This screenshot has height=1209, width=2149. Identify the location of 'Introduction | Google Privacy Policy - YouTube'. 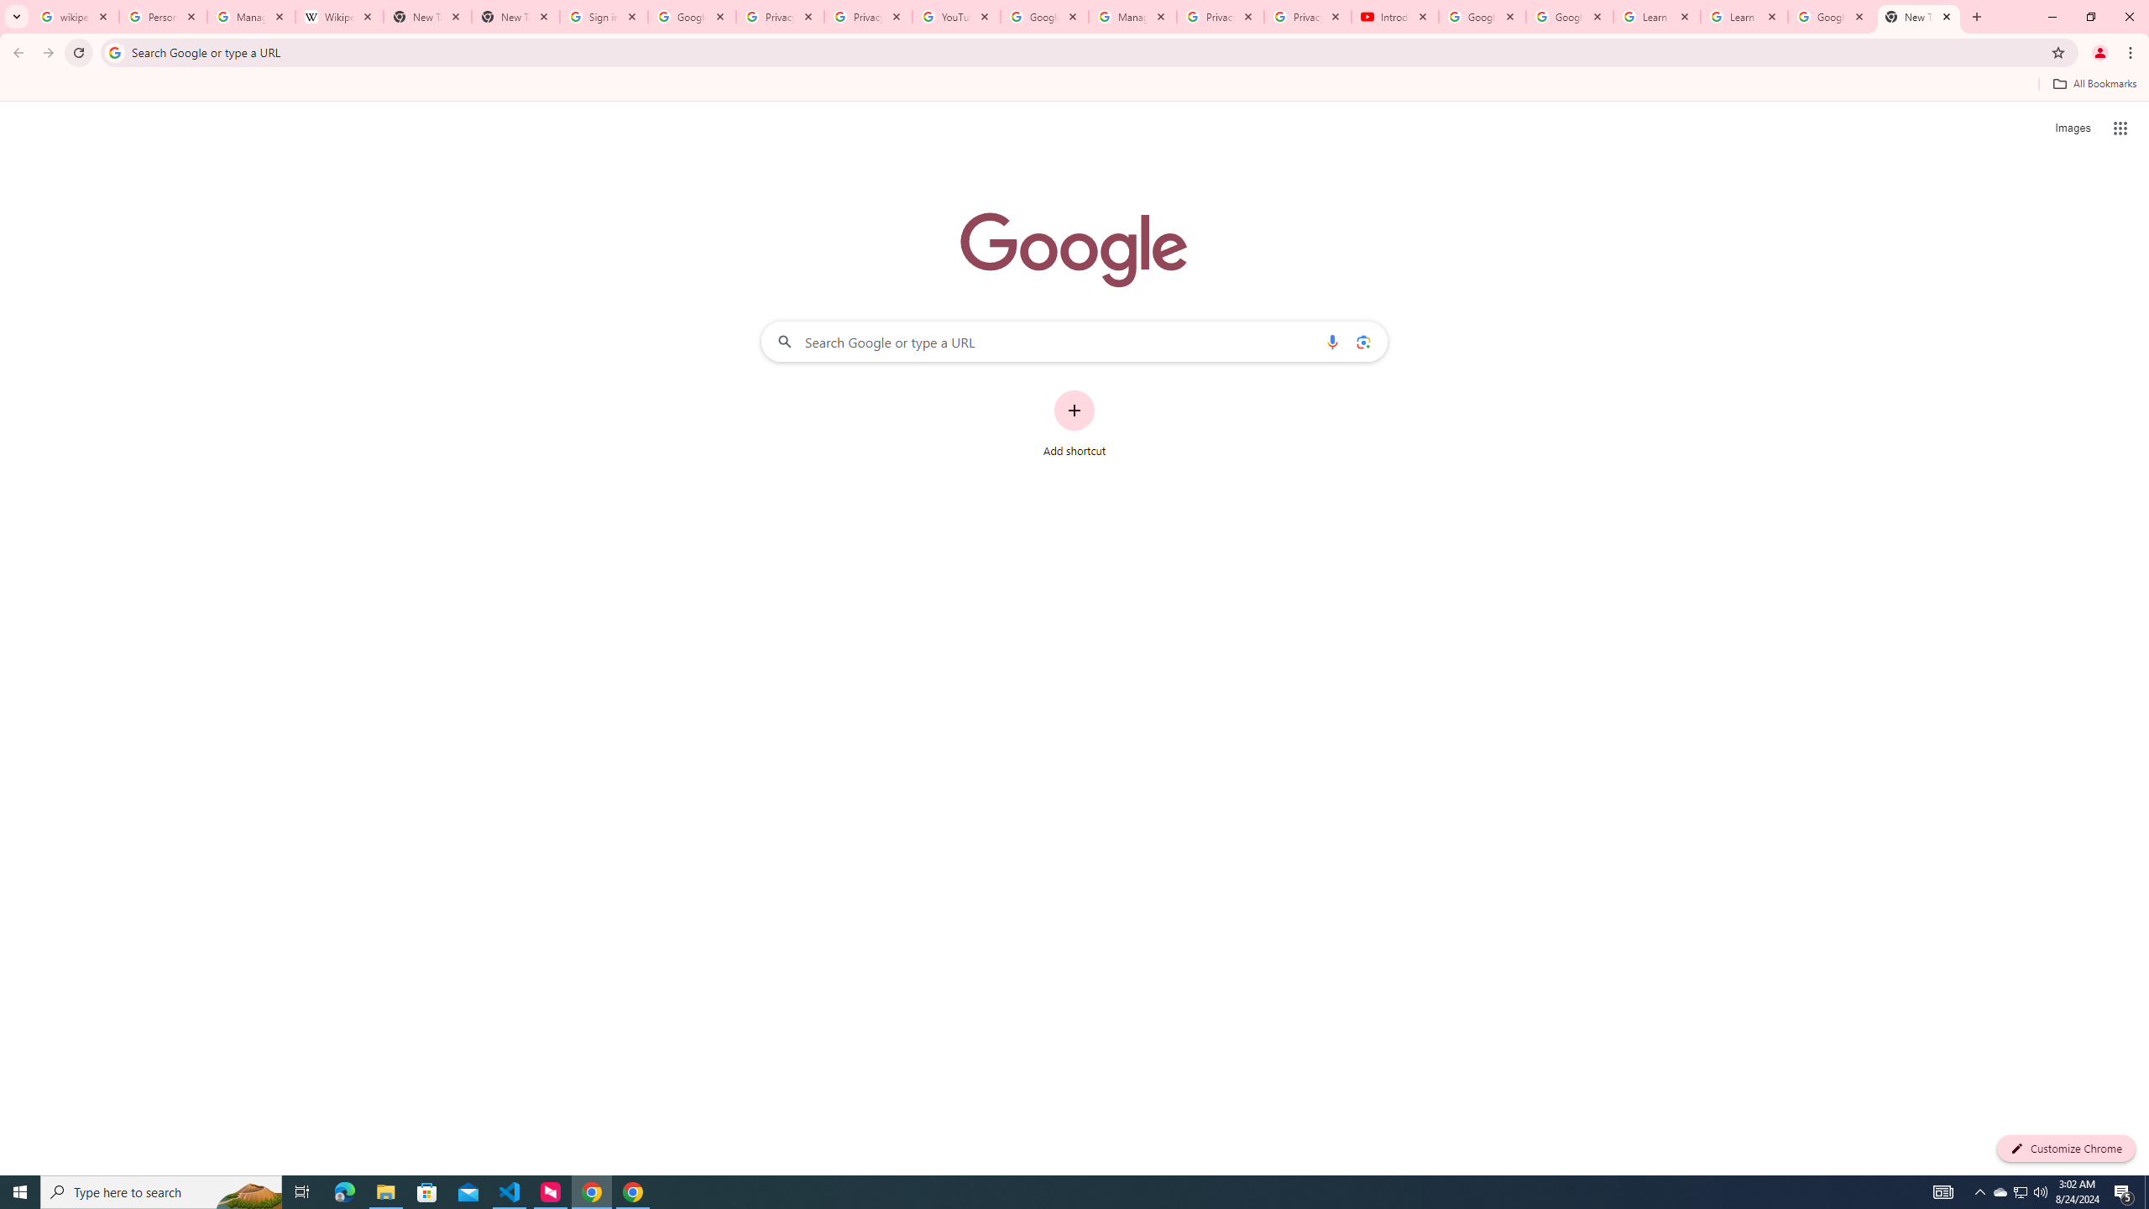
(1393, 16).